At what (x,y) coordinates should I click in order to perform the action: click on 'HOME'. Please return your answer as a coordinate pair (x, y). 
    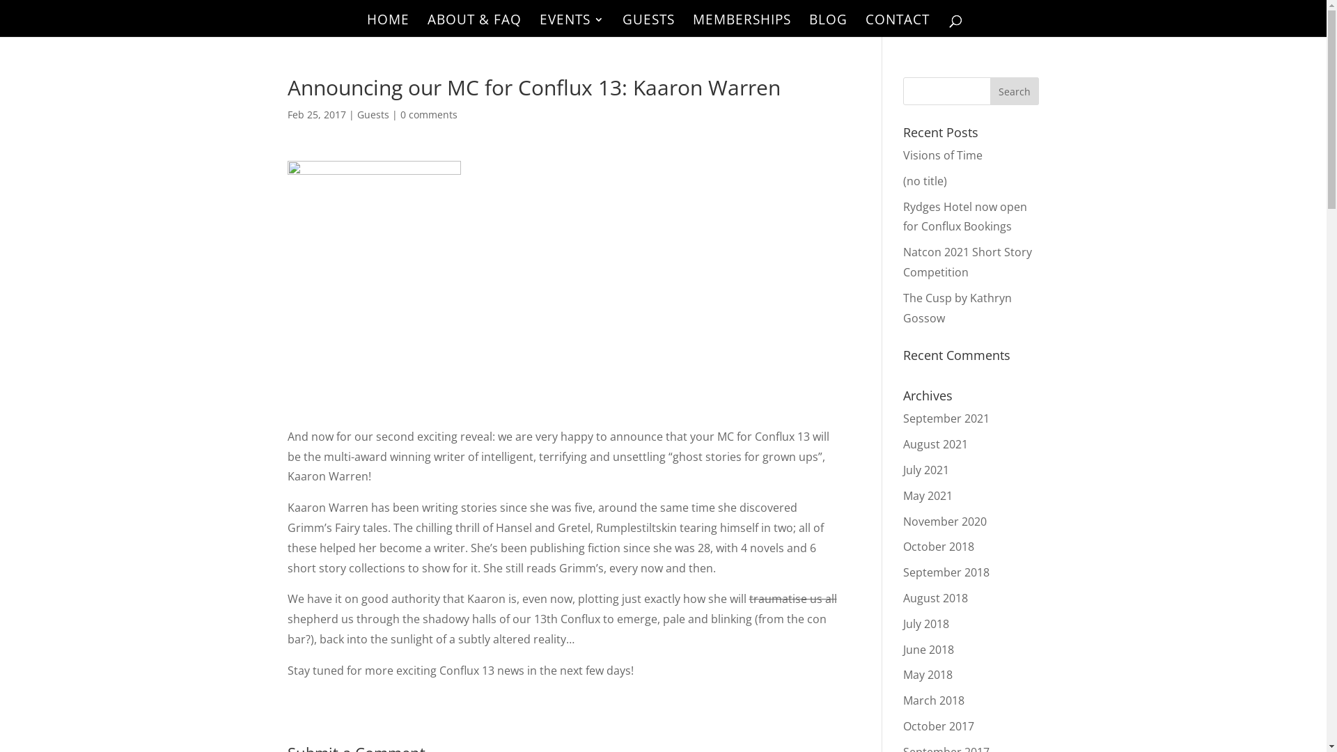
    Looking at the image, I should click on (387, 26).